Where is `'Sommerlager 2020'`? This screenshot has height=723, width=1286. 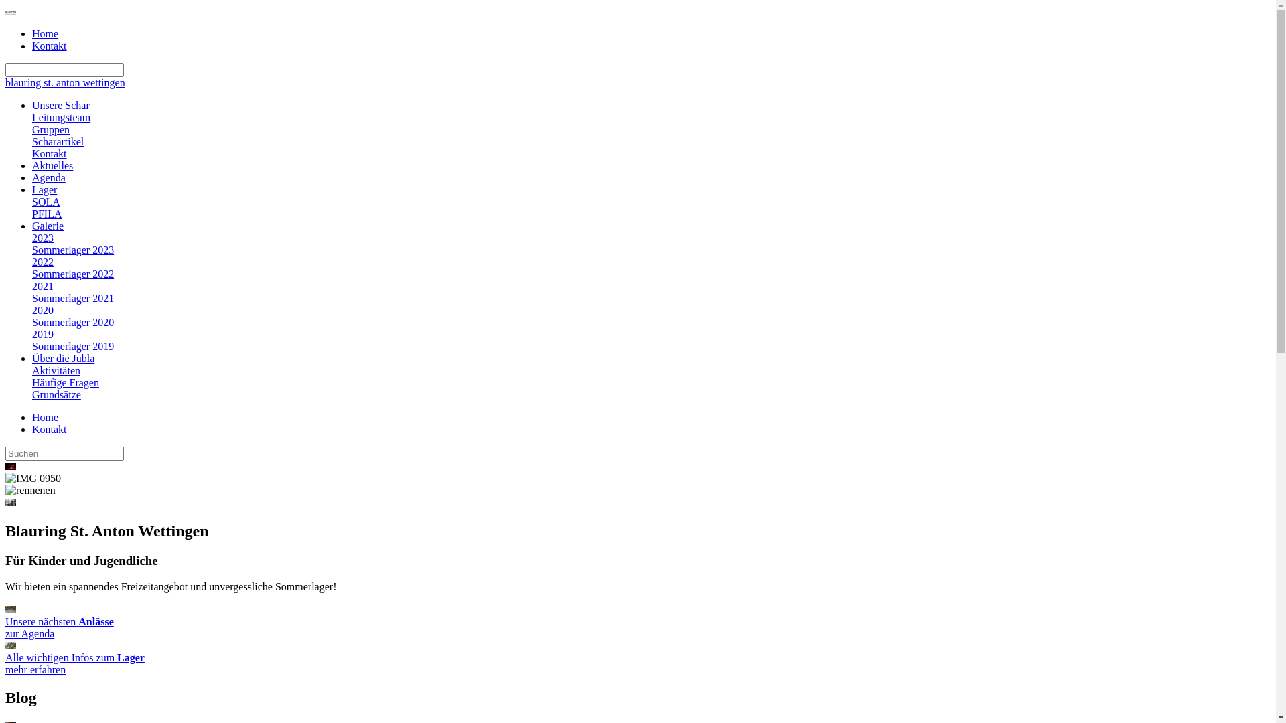
'Sommerlager 2020' is located at coordinates (72, 322).